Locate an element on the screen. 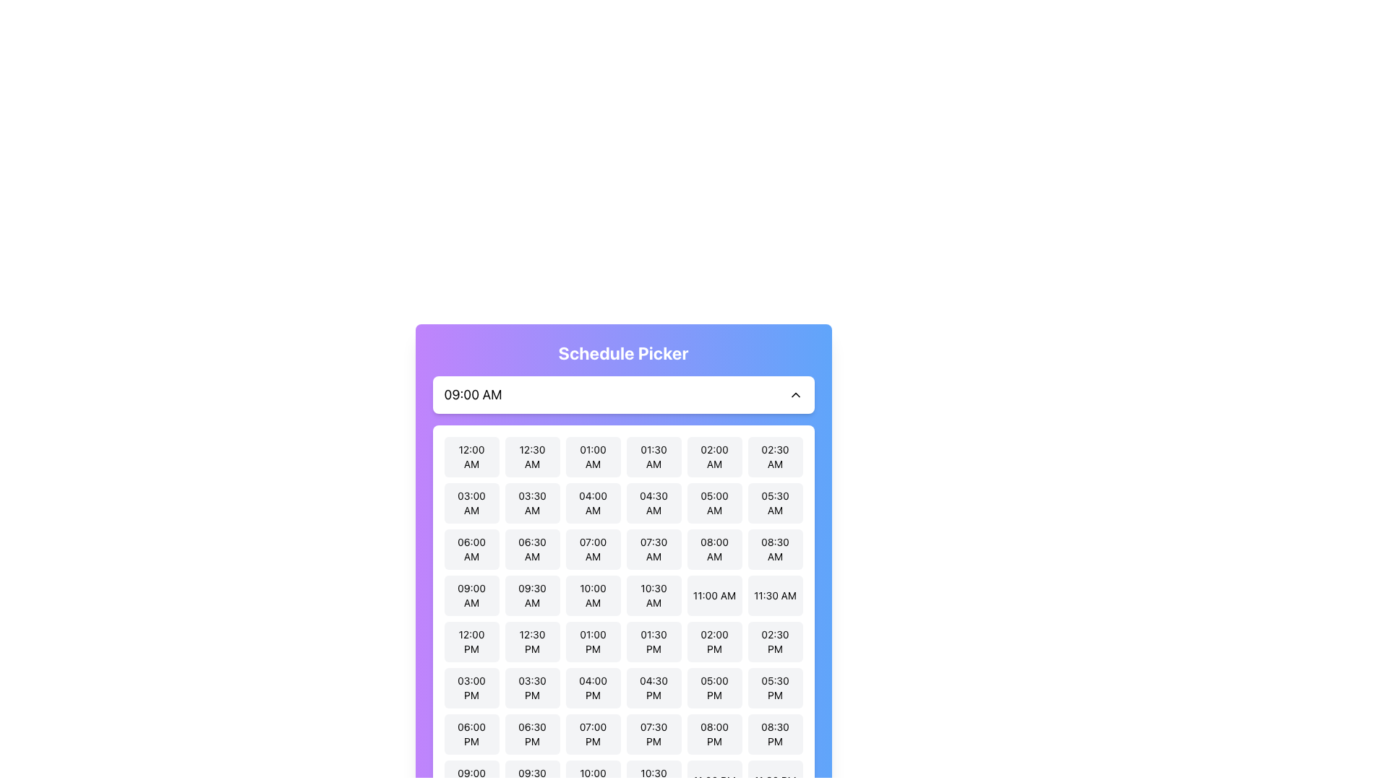 The width and height of the screenshot is (1388, 780). the button located in the 6th row and 3rd column of the scheduling interface is located at coordinates (593, 687).